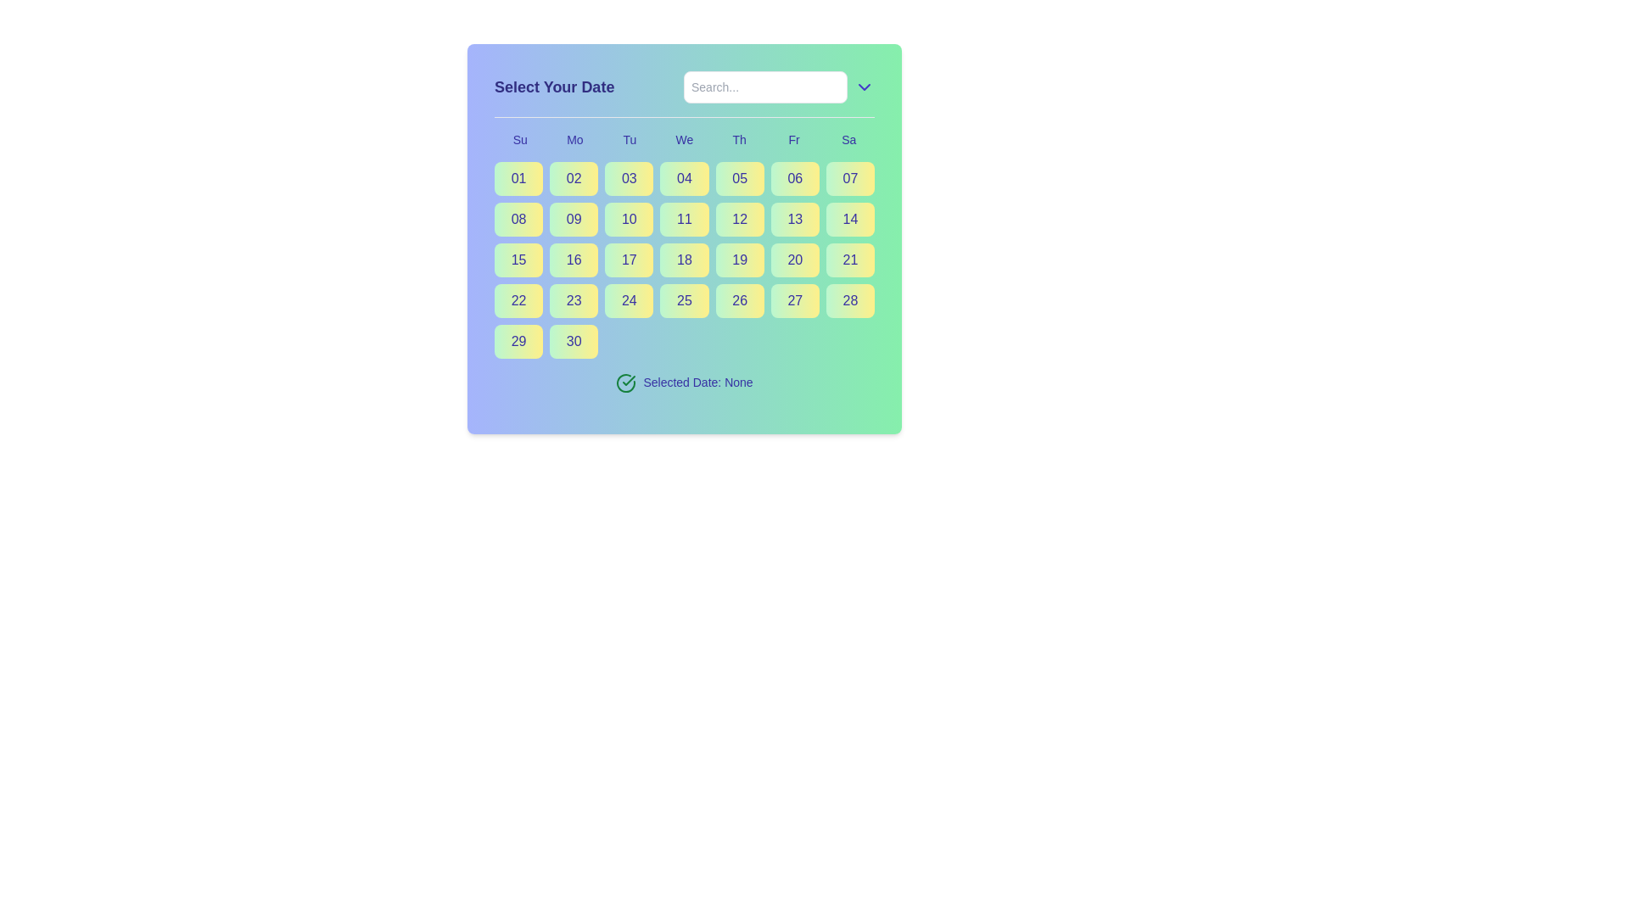 The image size is (1629, 916). What do you see at coordinates (793, 139) in the screenshot?
I see `the text label displaying 'Fr', which is the sixth item in the grid of day abbreviations, positioned between 'Th' and 'Sa'` at bounding box center [793, 139].